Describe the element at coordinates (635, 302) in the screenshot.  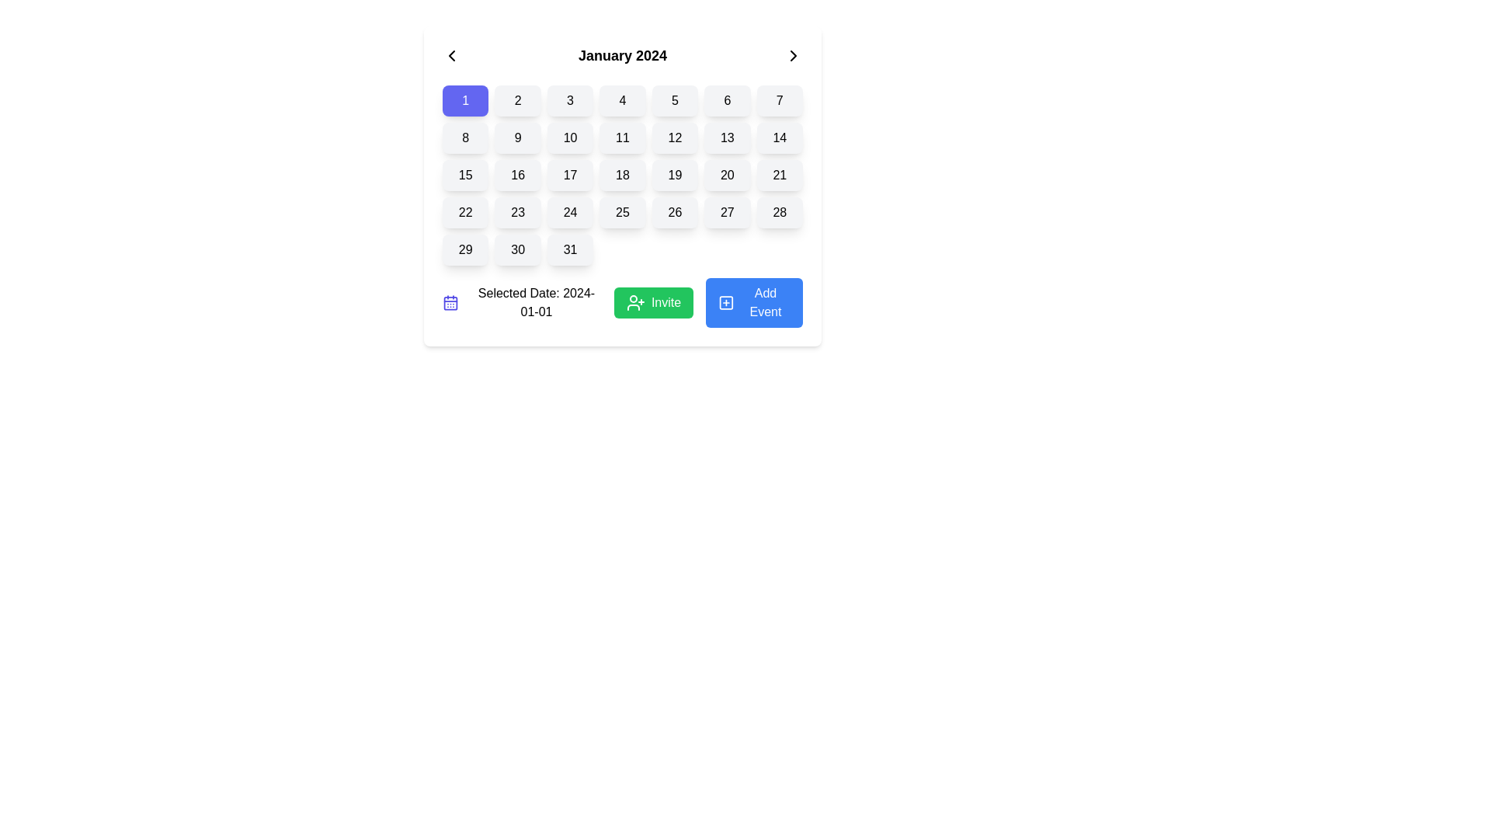
I see `the 'Invite' button which features a person icon with a plus sign on a green circular background` at that location.